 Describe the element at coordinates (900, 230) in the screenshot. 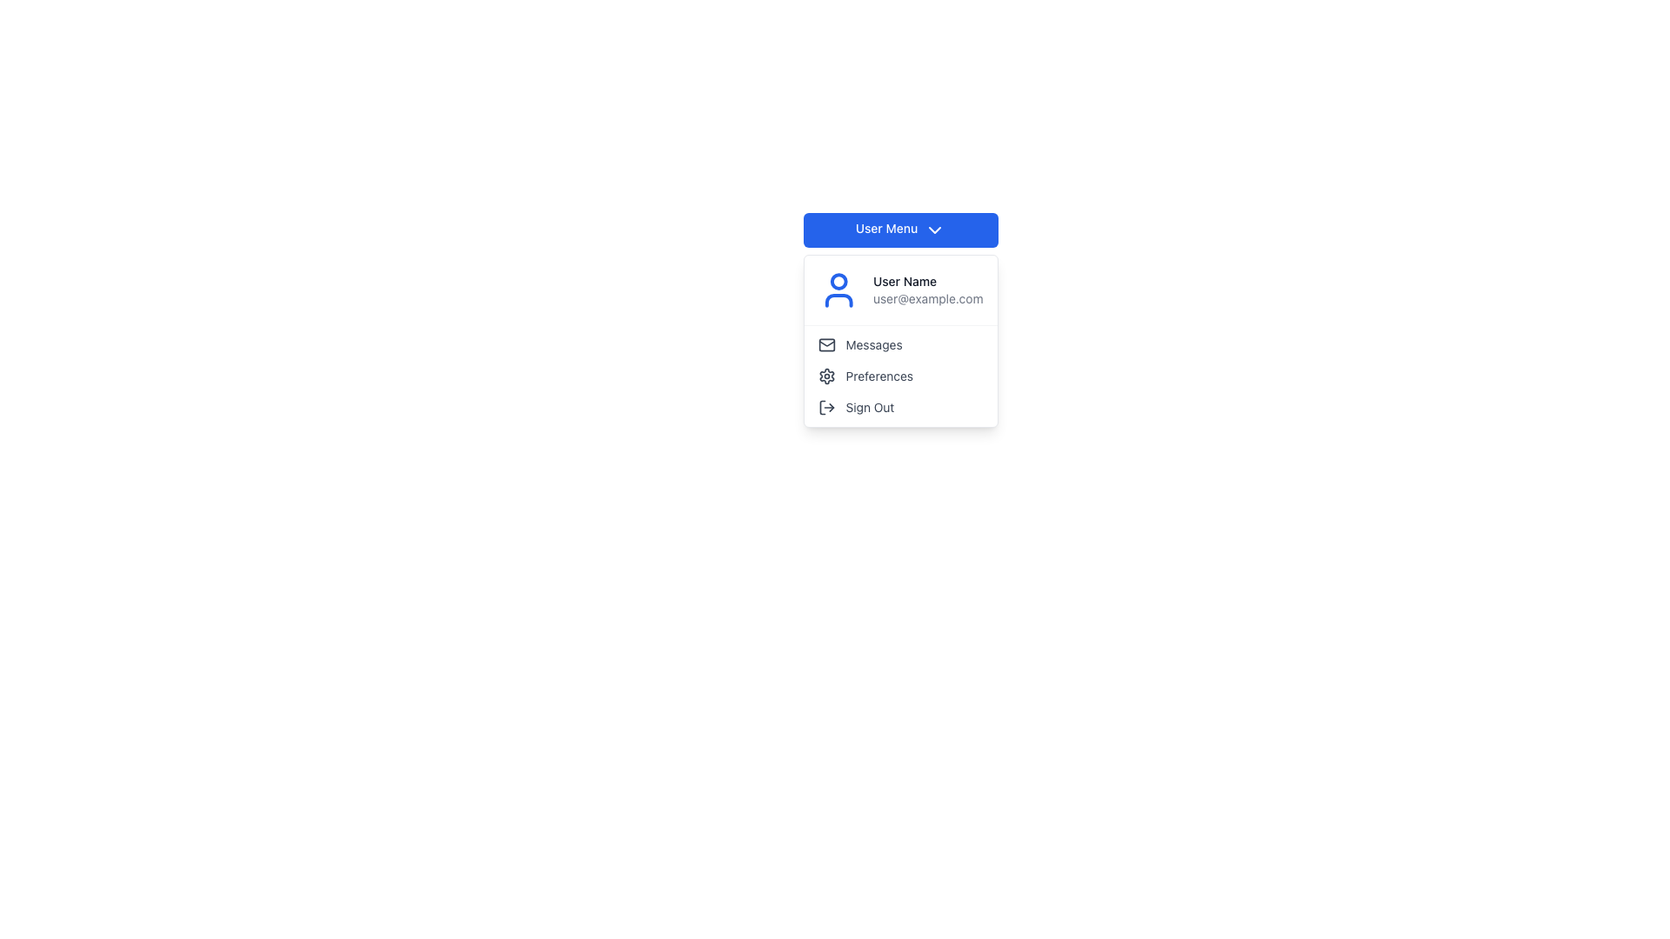

I see `the dropdown menu button located near the top of the interface to access user profile options and sign-out functionality` at that location.